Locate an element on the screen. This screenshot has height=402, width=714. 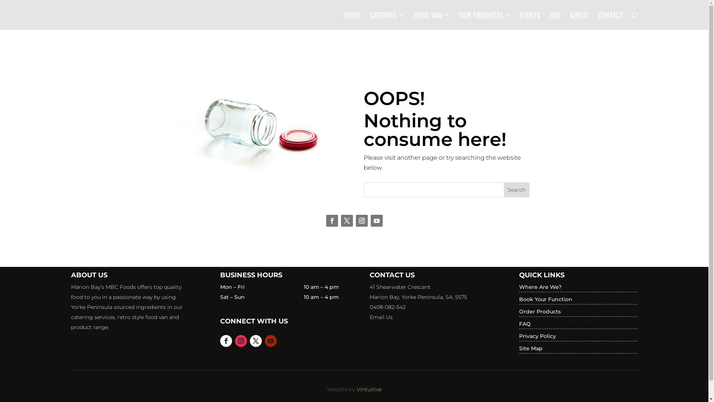
'Follow on Youtube' is located at coordinates (270, 341).